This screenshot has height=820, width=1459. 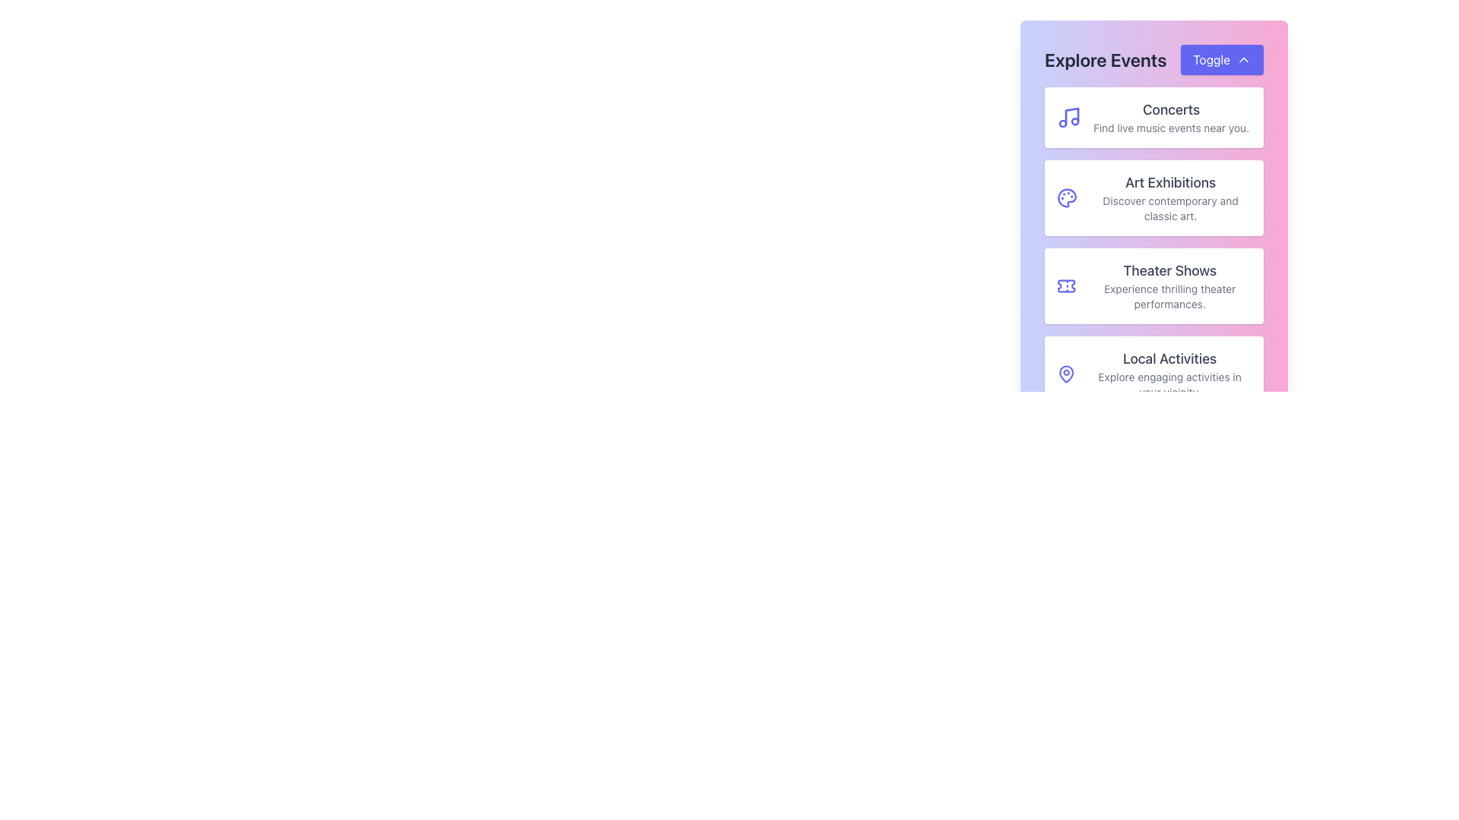 I want to click on the first informational card in the 'Explore Events' section, which provides details about music events, so click(x=1154, y=116).